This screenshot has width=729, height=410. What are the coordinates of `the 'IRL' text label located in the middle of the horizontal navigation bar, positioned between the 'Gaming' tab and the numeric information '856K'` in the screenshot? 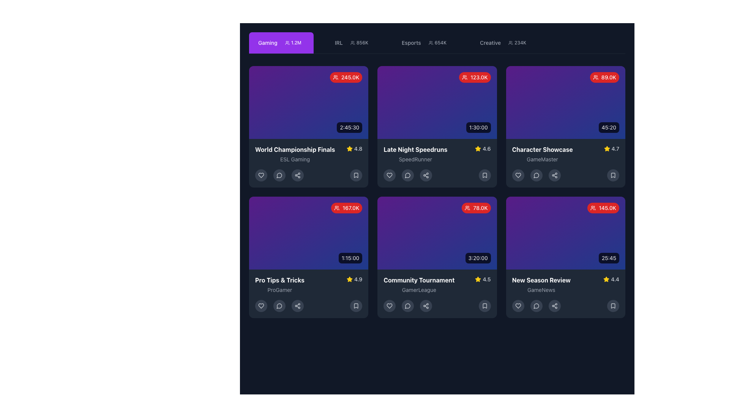 It's located at (338, 43).